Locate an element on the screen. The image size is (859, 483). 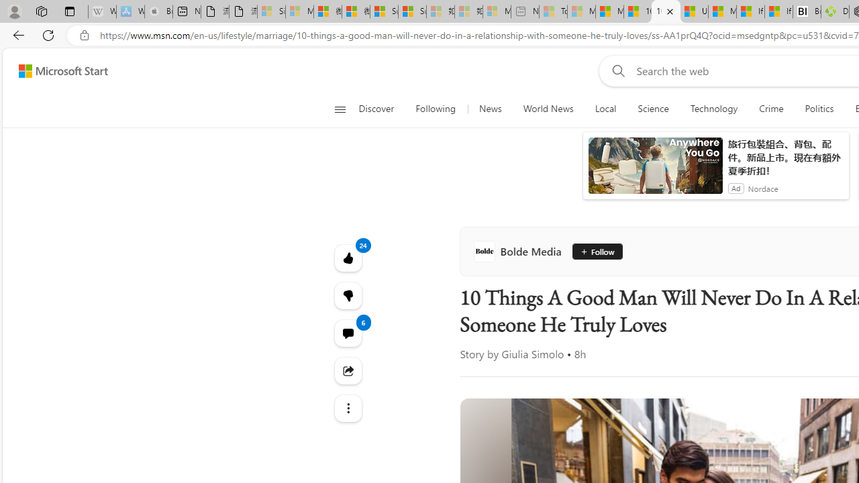
'Politics' is located at coordinates (819, 109).